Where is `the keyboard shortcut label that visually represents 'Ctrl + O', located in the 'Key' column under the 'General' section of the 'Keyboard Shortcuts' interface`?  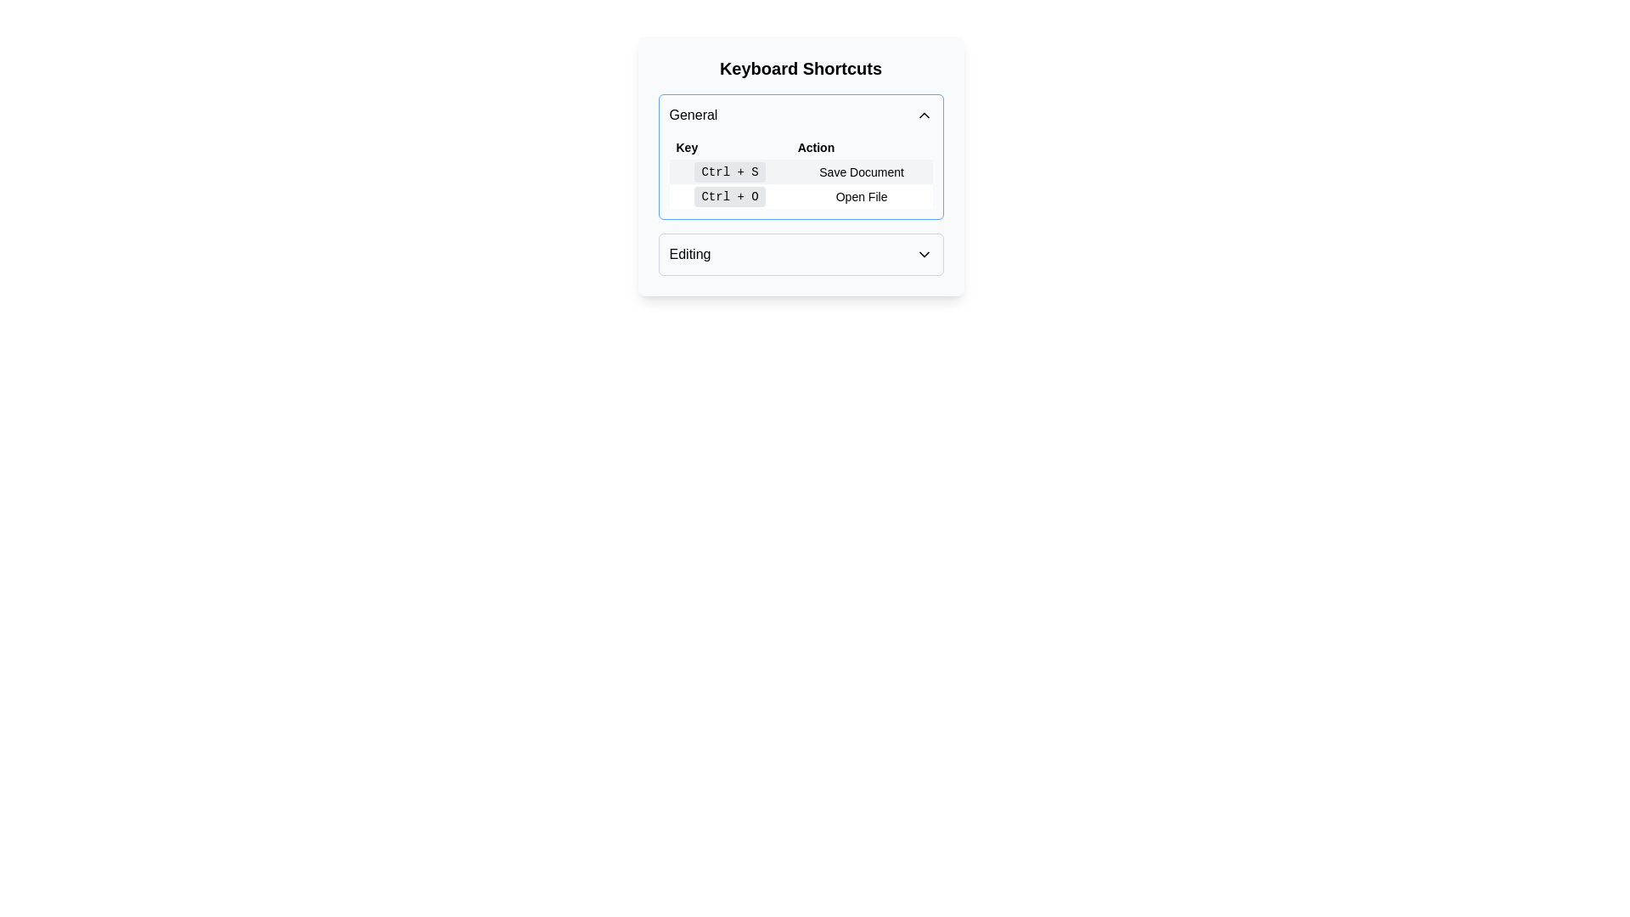
the keyboard shortcut label that visually represents 'Ctrl + O', located in the 'Key' column under the 'General' section of the 'Keyboard Shortcuts' interface is located at coordinates (730, 195).